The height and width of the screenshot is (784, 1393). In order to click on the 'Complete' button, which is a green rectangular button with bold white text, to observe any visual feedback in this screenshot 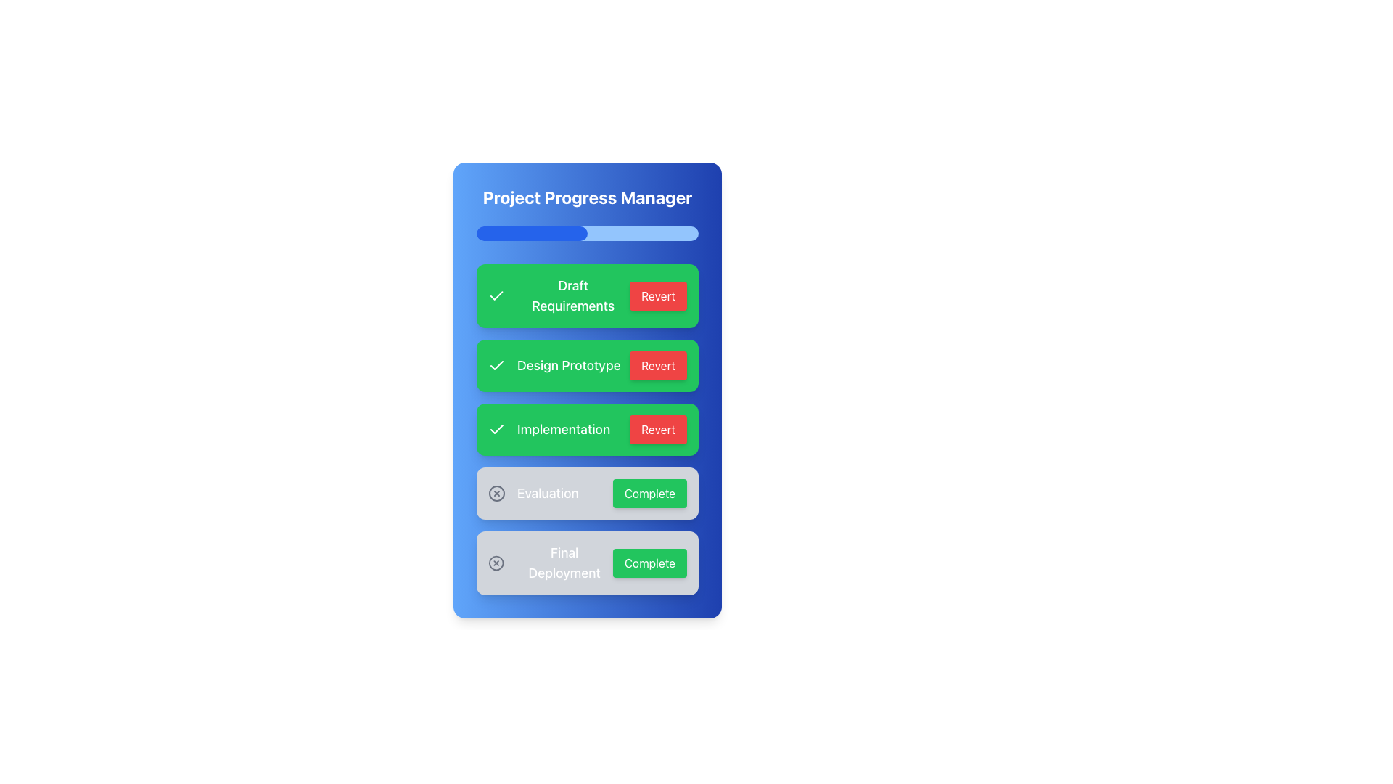, I will do `click(649, 492)`.